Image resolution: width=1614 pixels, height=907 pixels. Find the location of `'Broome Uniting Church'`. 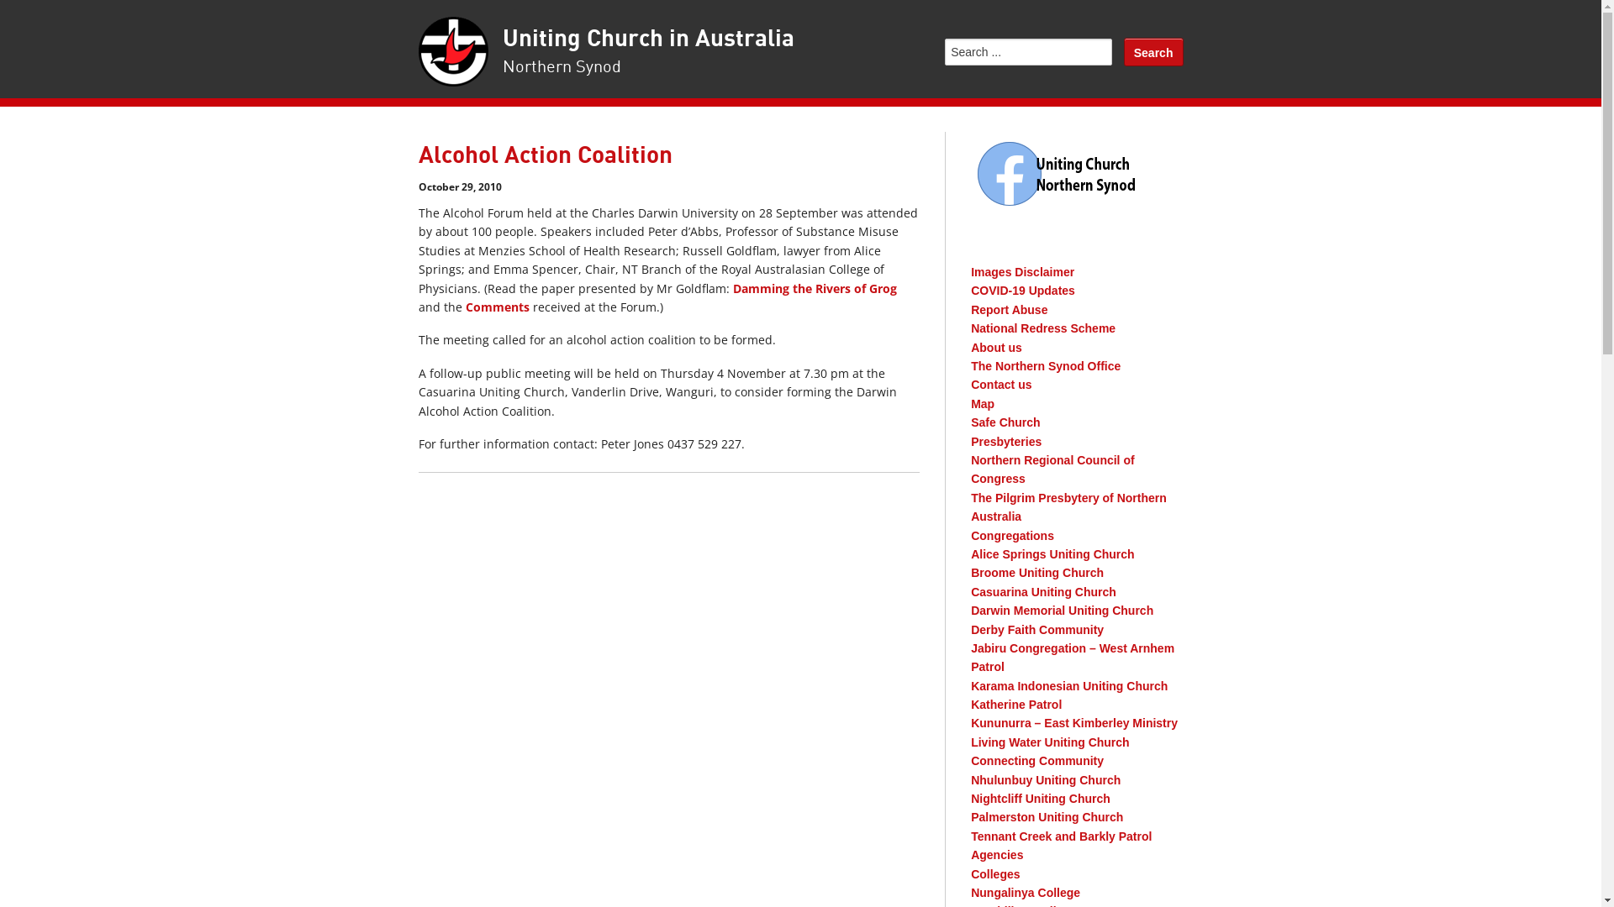

'Broome Uniting Church' is located at coordinates (1036, 572).